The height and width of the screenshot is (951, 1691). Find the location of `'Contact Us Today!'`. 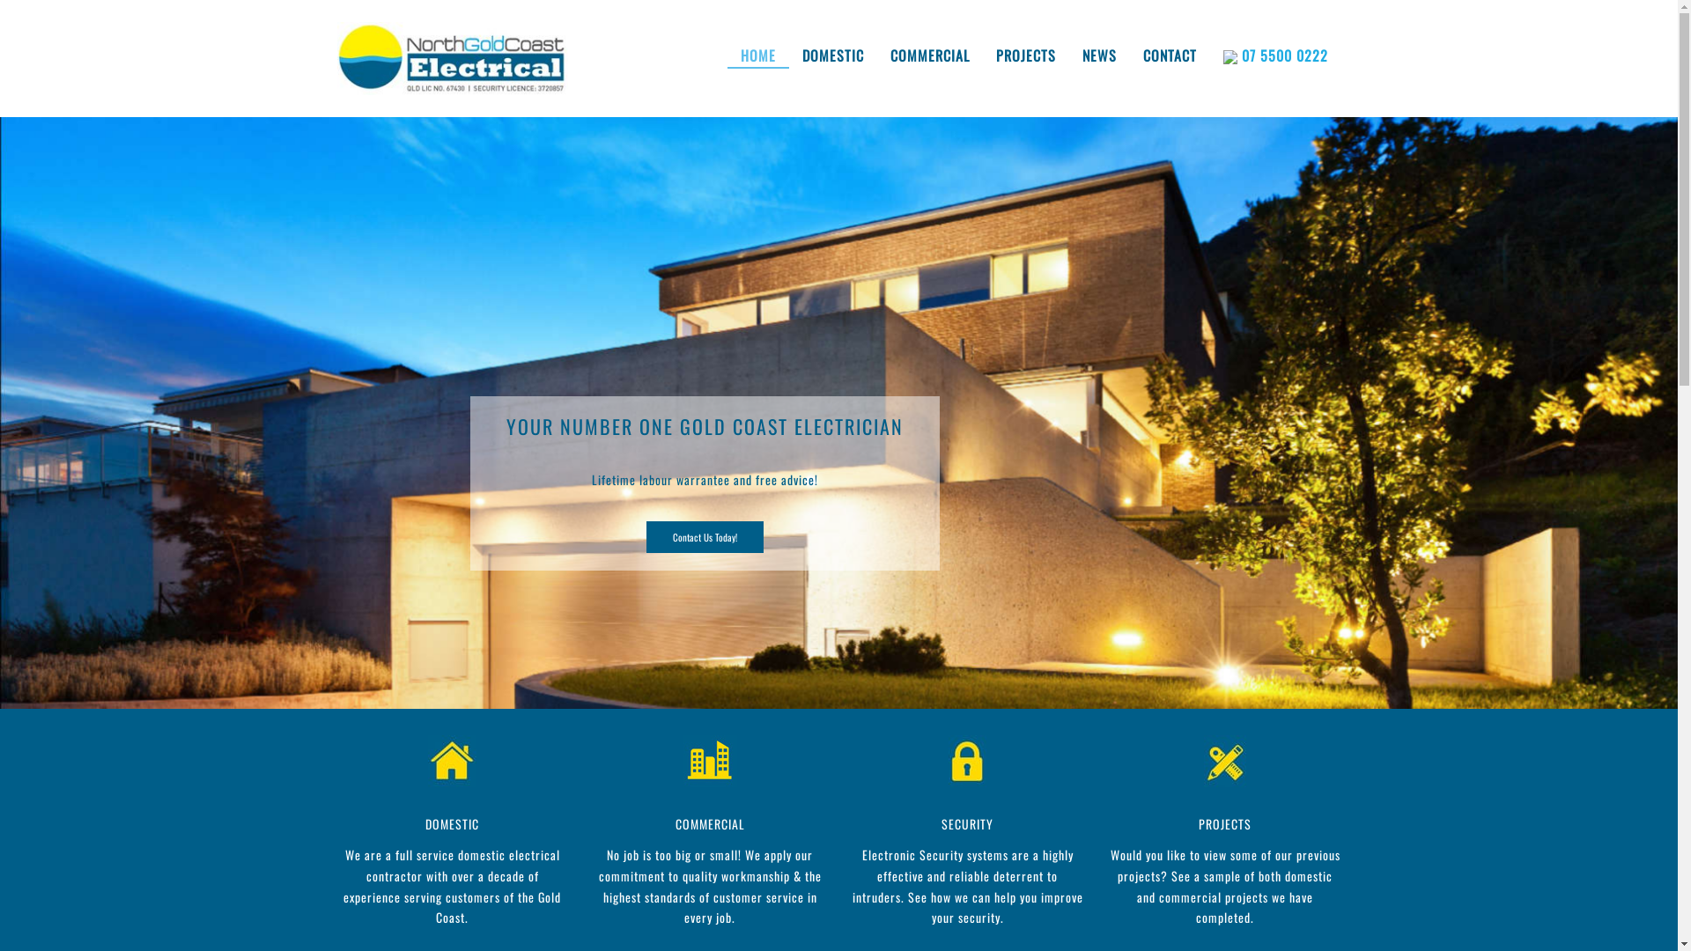

'Contact Us Today!' is located at coordinates (705, 535).